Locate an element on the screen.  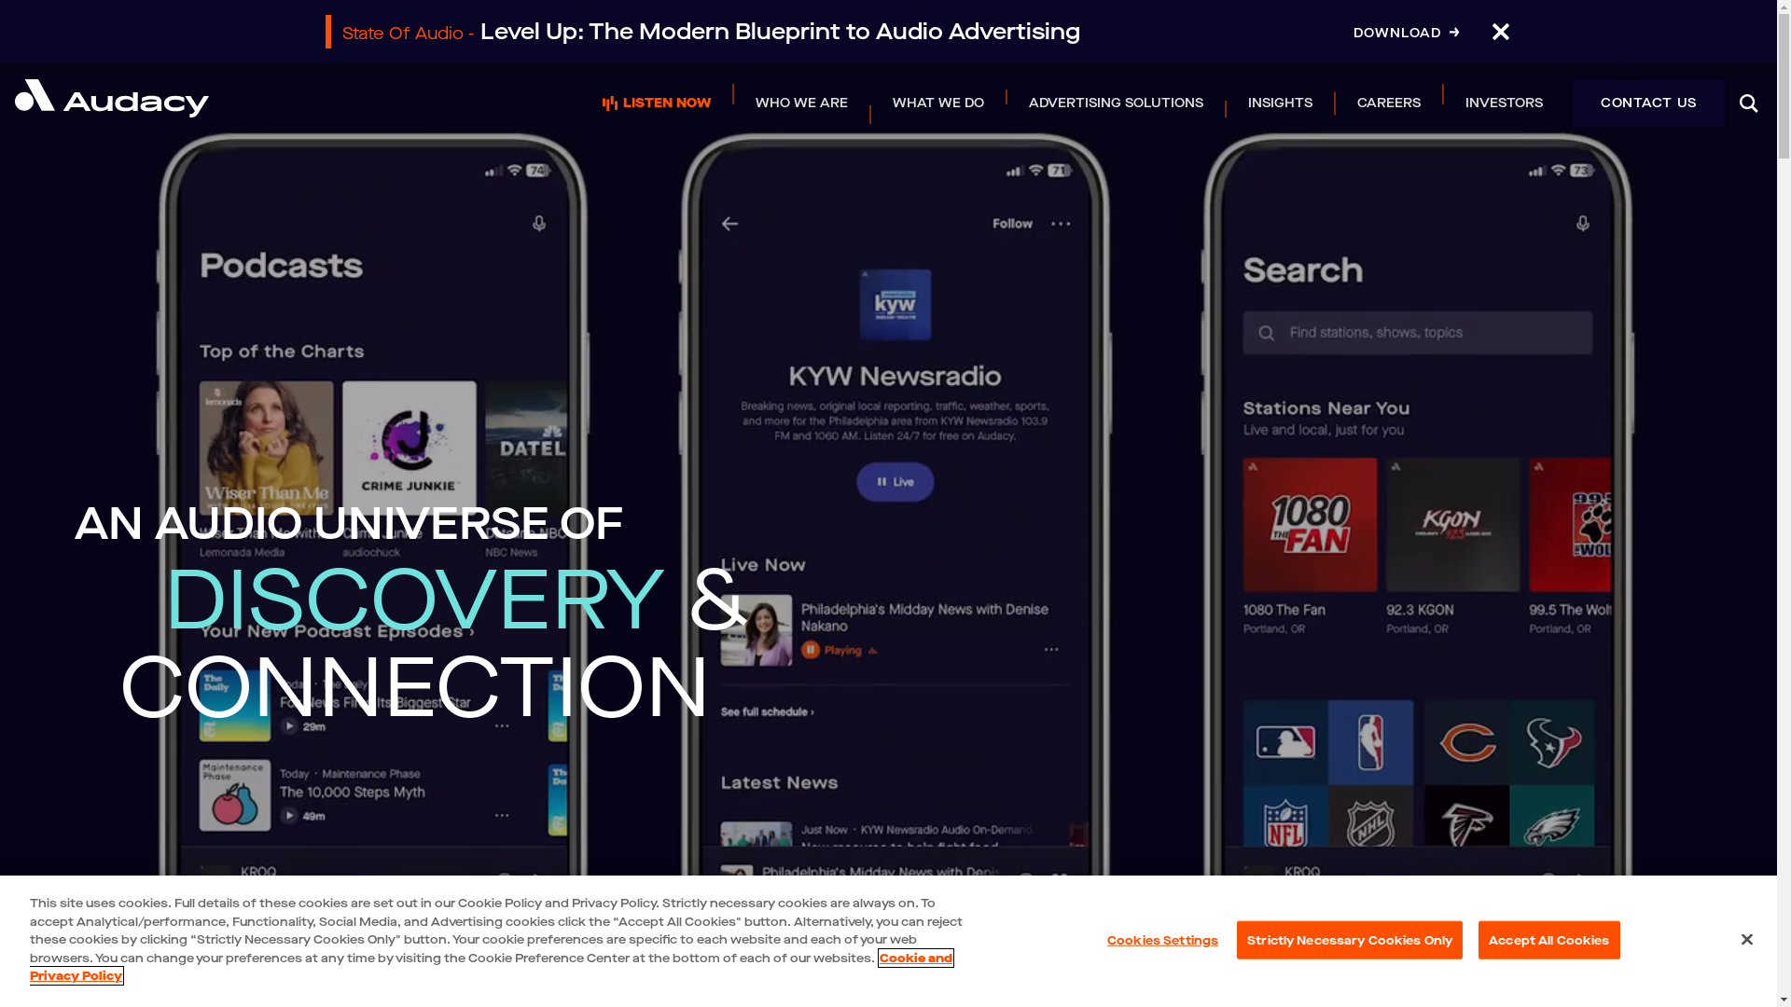
'Strictly Necessary Cookies Only' is located at coordinates (1236, 939).